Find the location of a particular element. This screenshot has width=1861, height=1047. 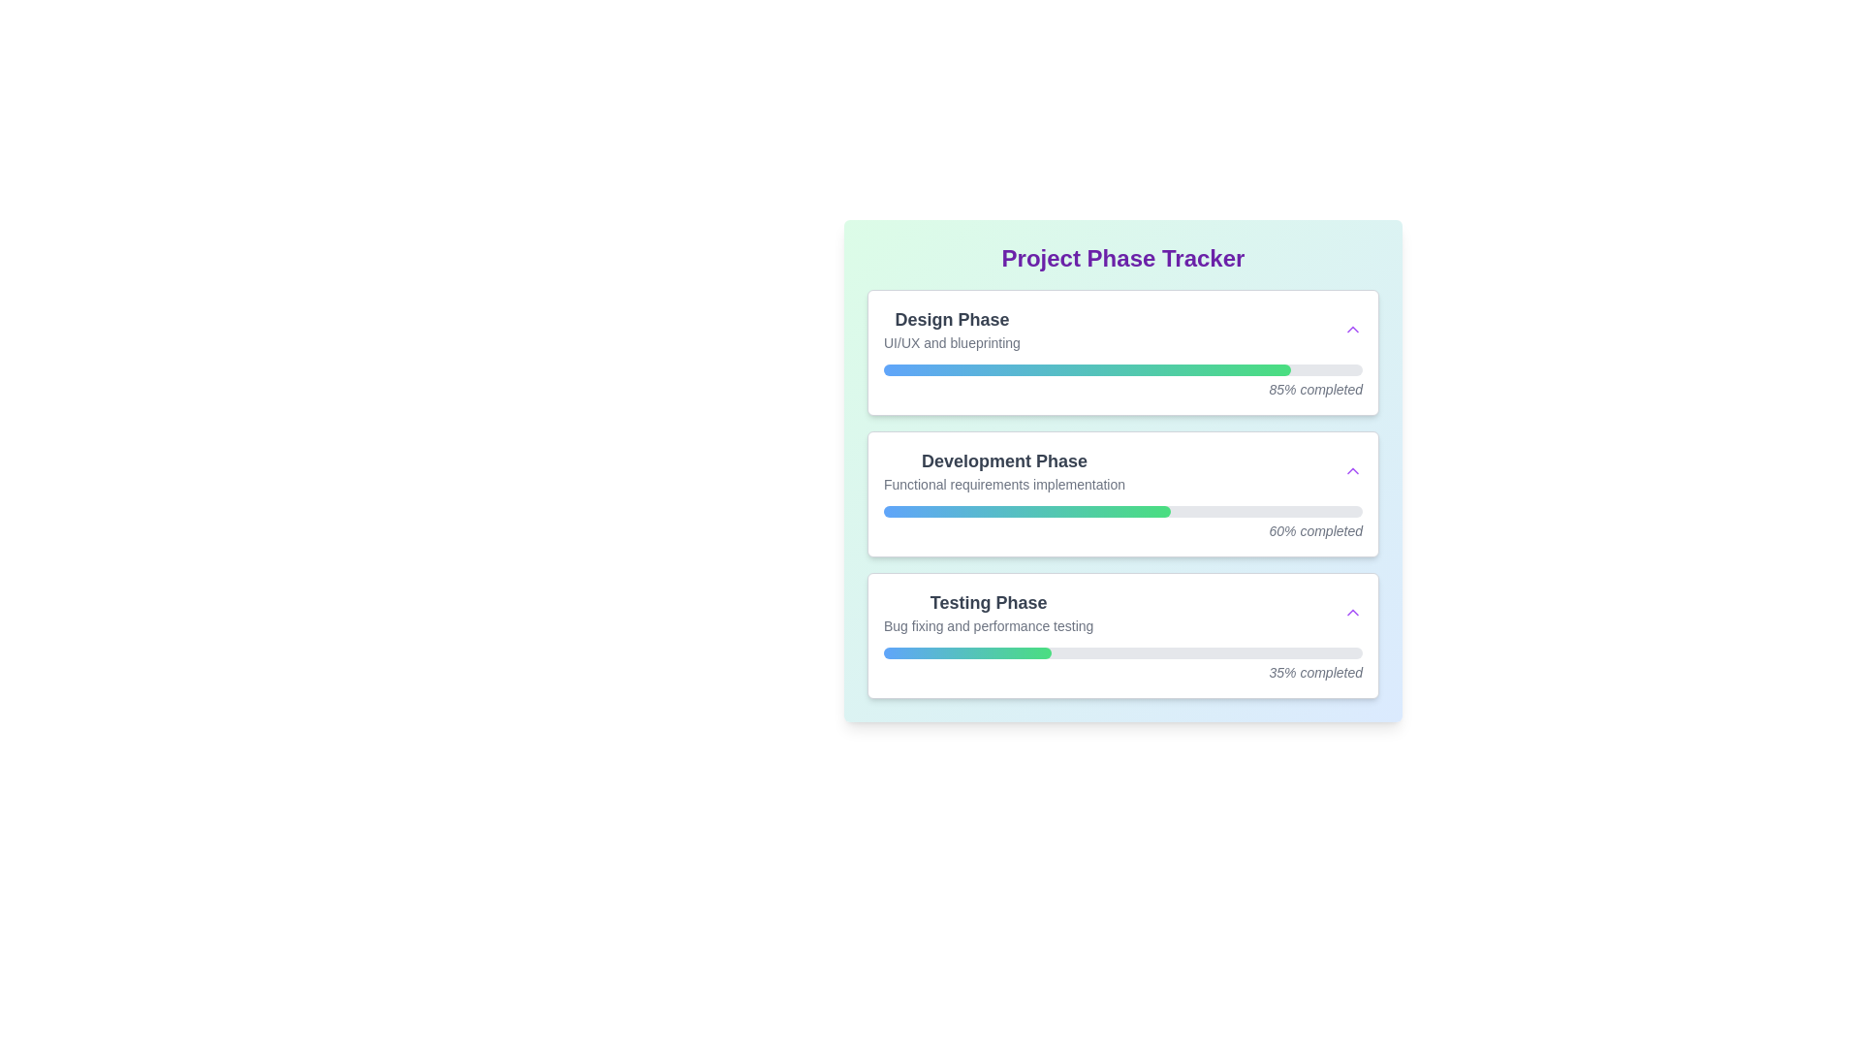

the text label that identifies the current phase of the project process, which is centrally aligned at the top of the 'Development Phase' section within the middle card of the vertical stack is located at coordinates (1004, 460).